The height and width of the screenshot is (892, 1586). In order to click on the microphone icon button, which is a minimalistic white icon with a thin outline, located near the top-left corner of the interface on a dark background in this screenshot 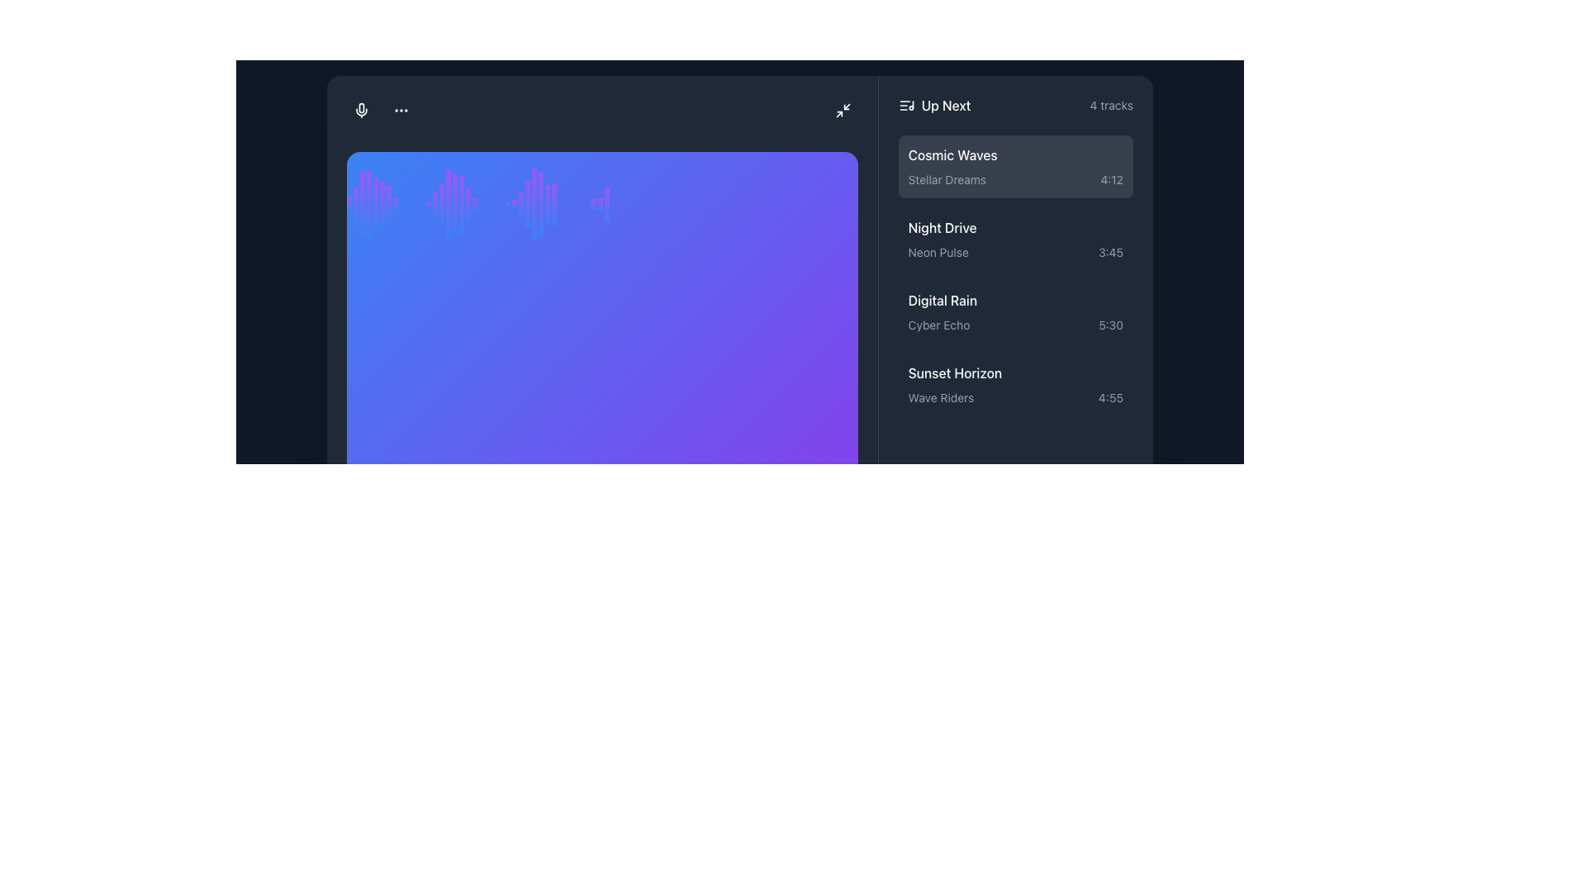, I will do `click(360, 109)`.